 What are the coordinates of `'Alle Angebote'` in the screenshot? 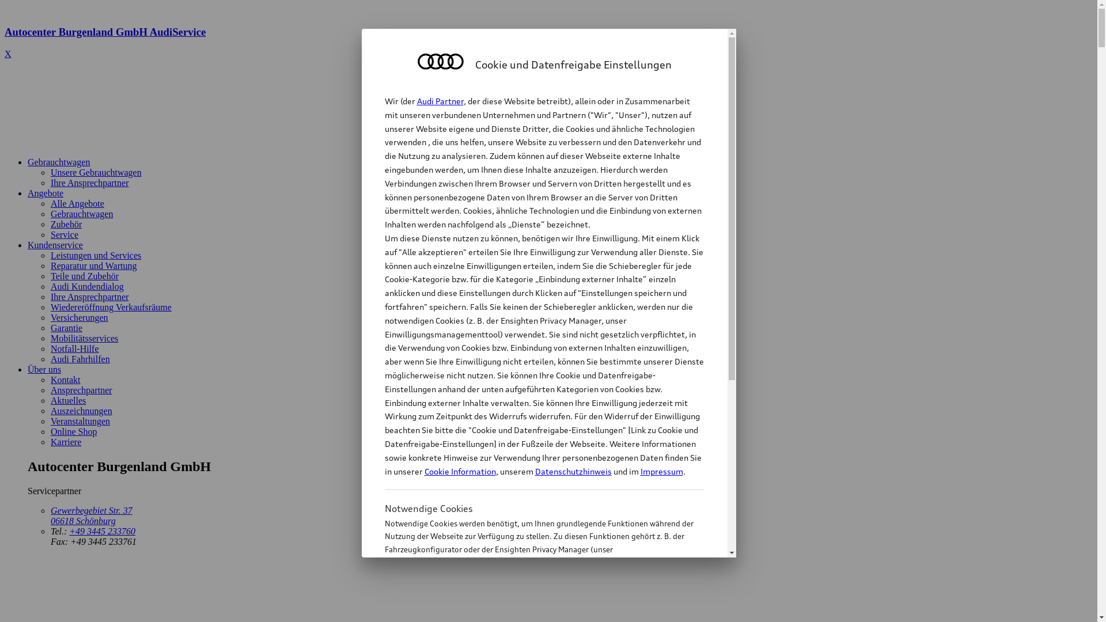 It's located at (77, 203).